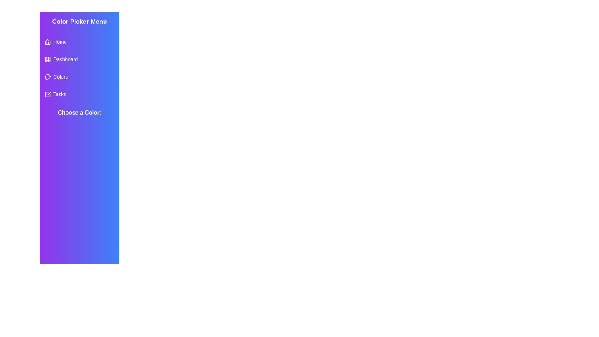  I want to click on the house icon in the sidebar menu, so click(47, 42).